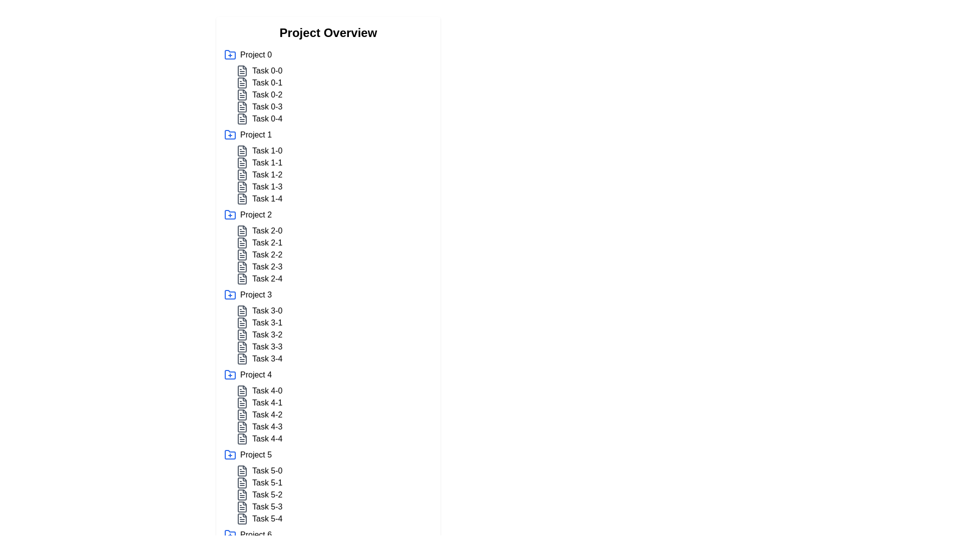 The height and width of the screenshot is (540, 961). What do you see at coordinates (242, 266) in the screenshot?
I see `the document icon representing 'Task 2-3'` at bounding box center [242, 266].